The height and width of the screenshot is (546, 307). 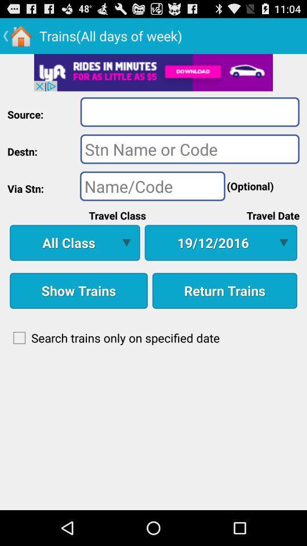 I want to click on area, so click(x=190, y=111).